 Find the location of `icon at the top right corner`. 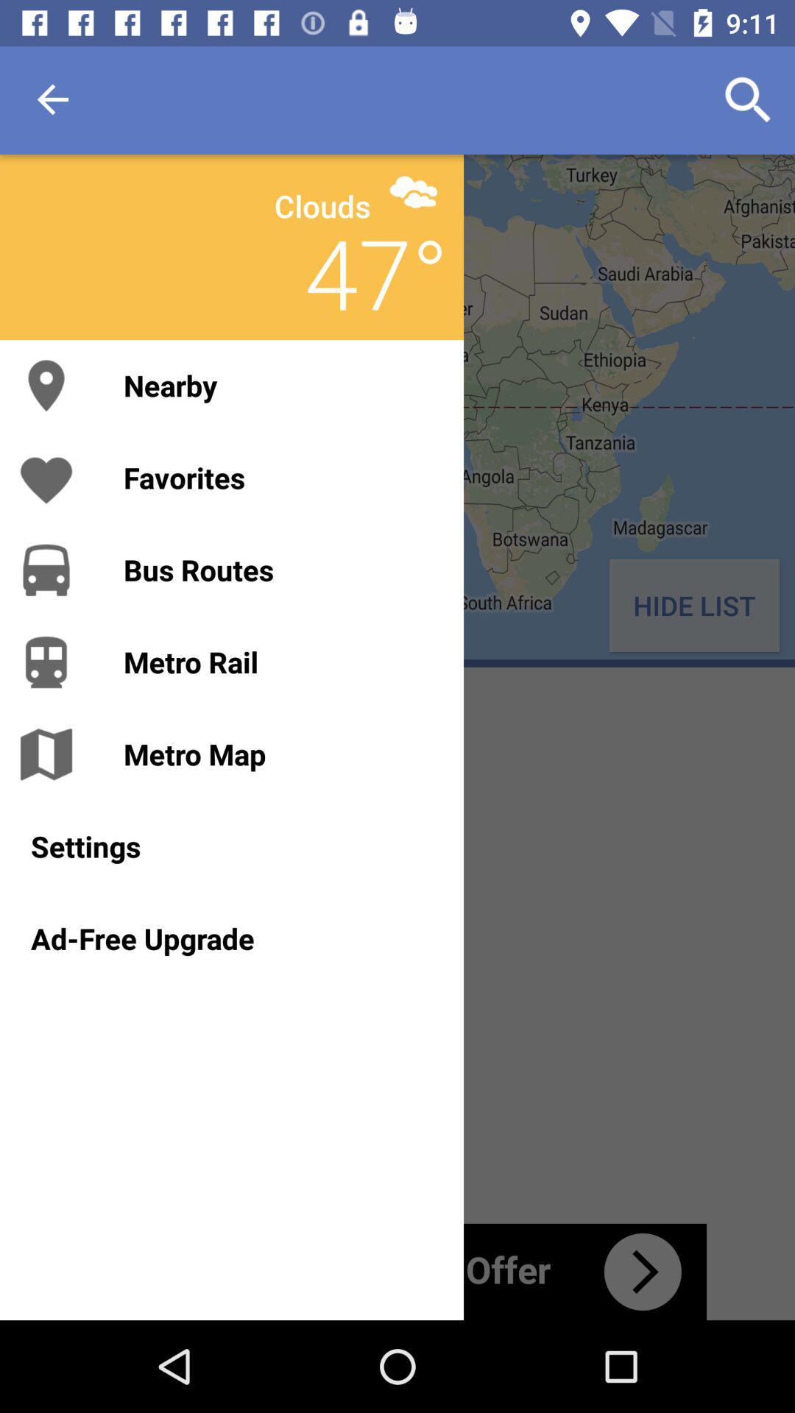

icon at the top right corner is located at coordinates (749, 99).